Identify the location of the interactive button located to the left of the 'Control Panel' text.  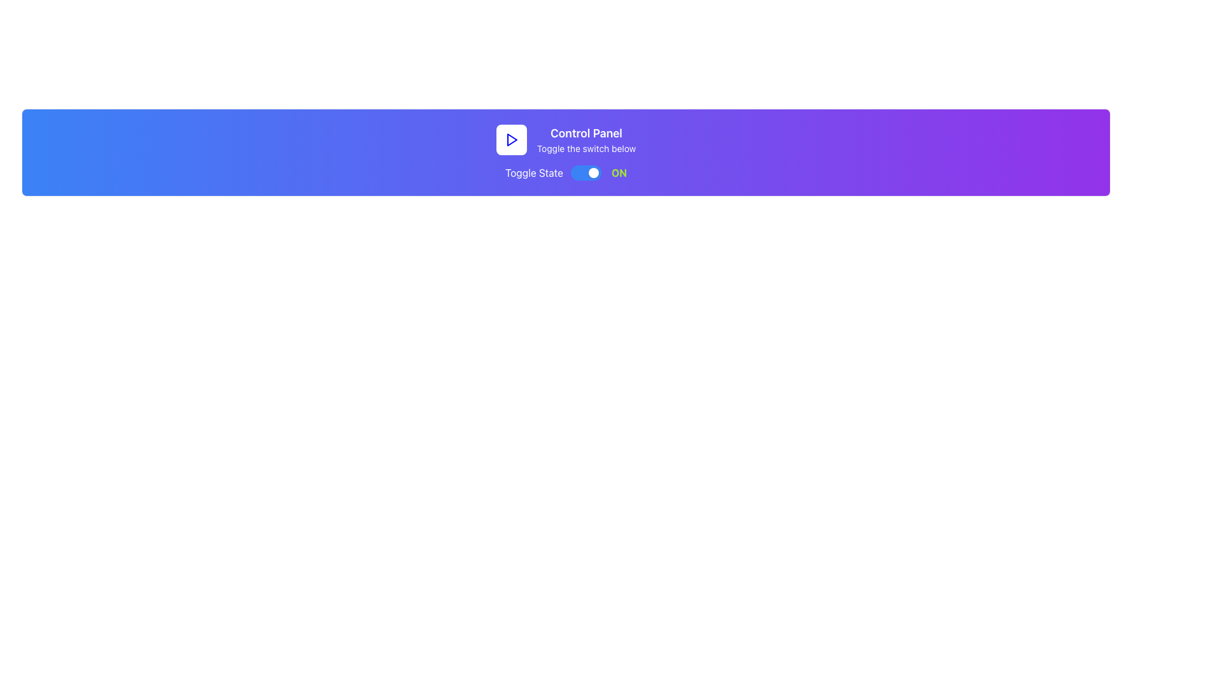
(511, 139).